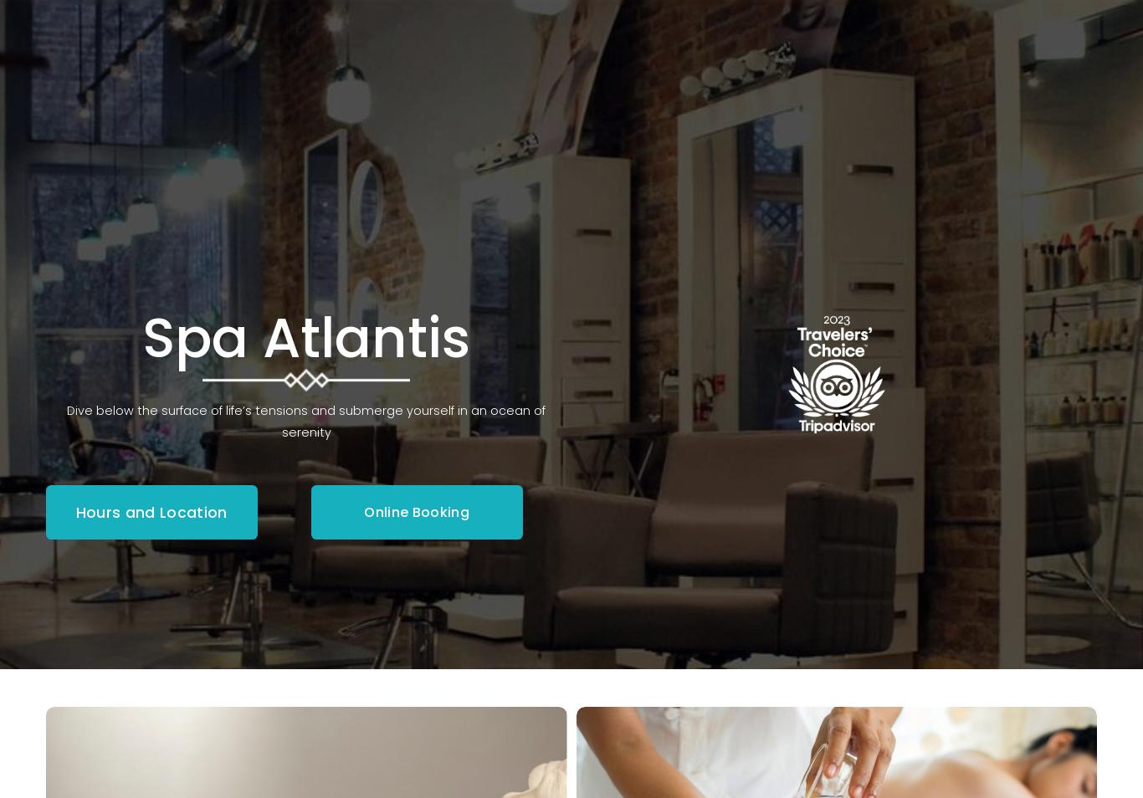  Describe the element at coordinates (495, 219) in the screenshot. I see `'Facials & Peels'` at that location.